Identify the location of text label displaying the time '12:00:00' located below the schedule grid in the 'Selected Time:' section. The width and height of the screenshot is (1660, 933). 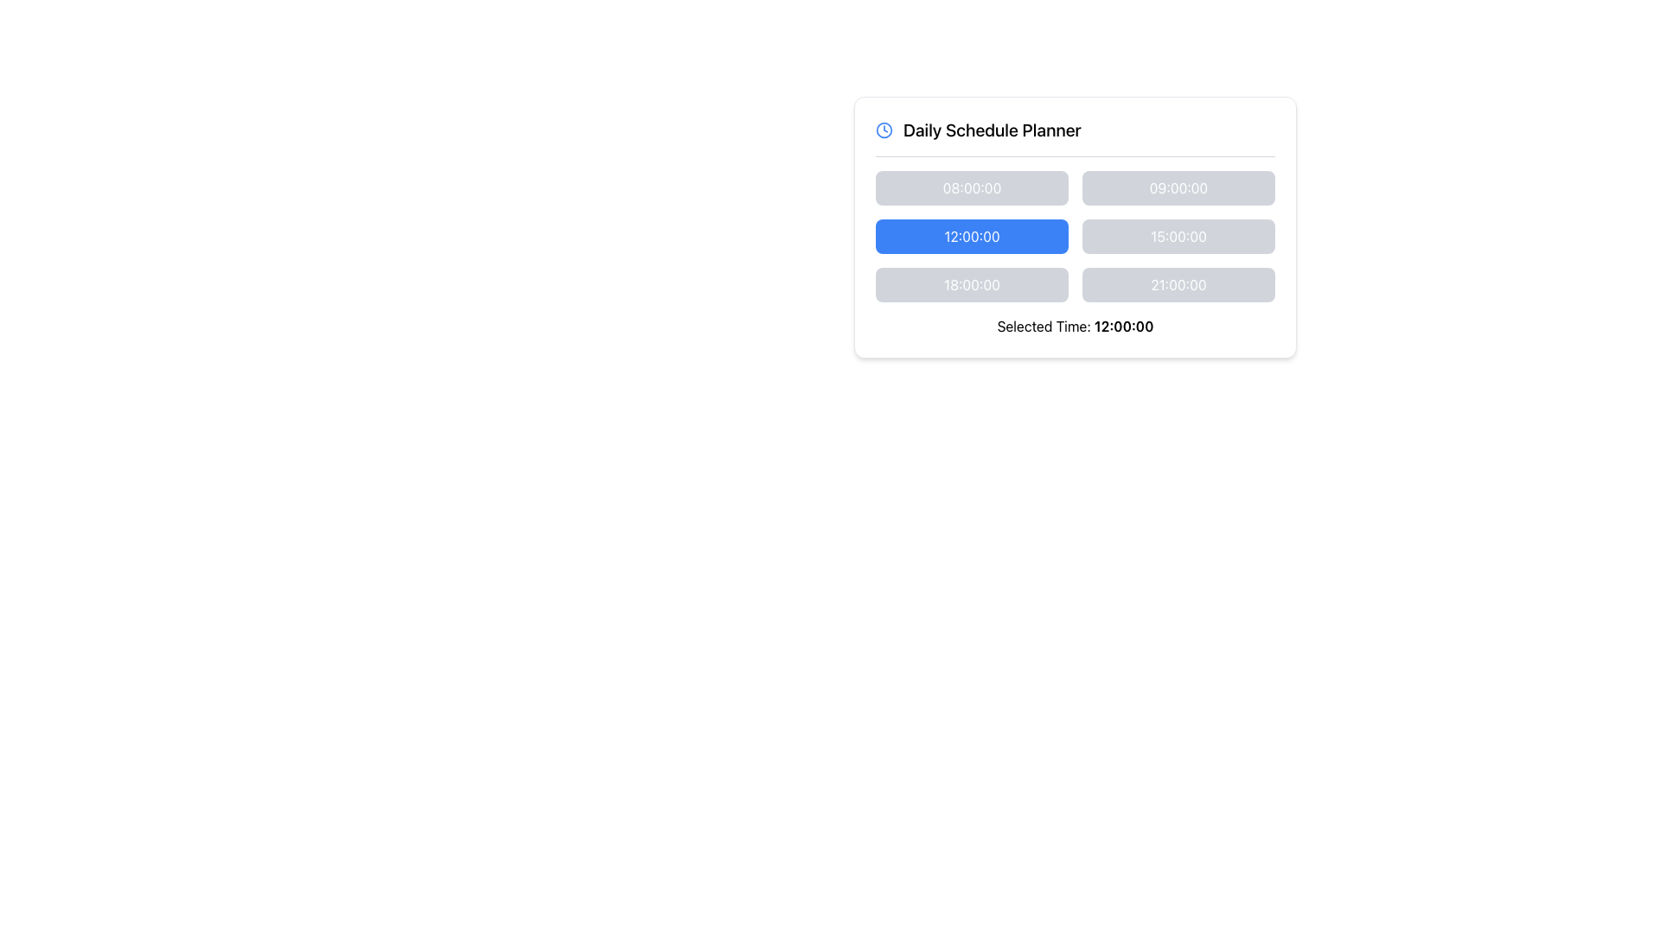
(1124, 327).